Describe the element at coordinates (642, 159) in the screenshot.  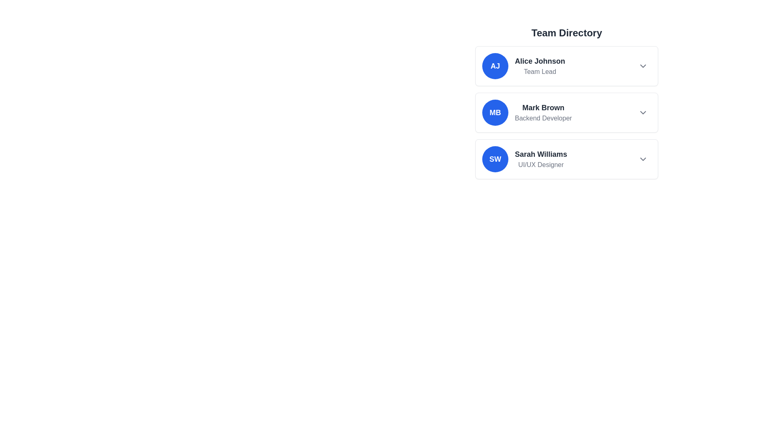
I see `the Chevron icon on the right-hand side of the 'Sarah Williams - UI/UX Designer' entry in the Team Directory` at that location.